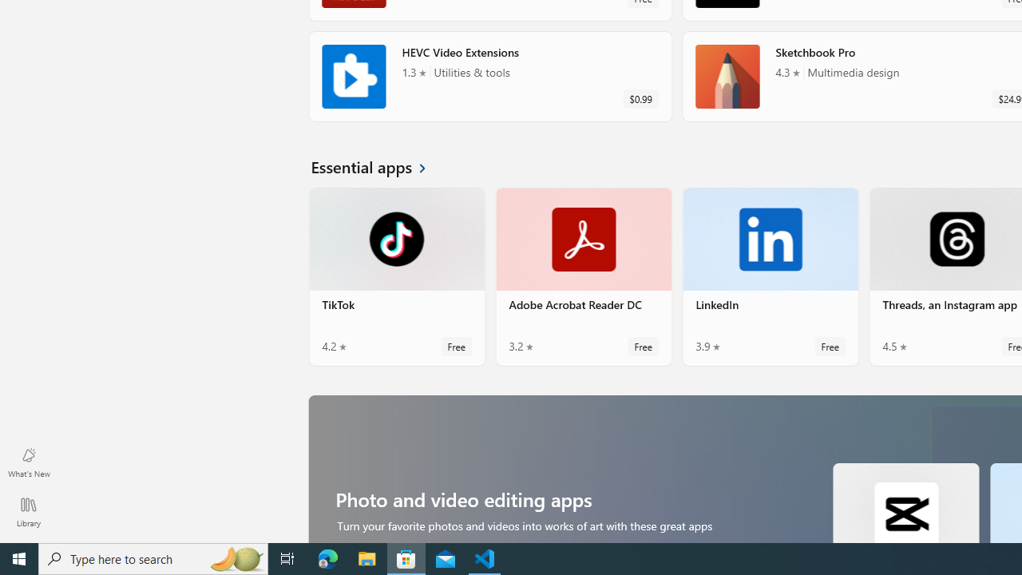 This screenshot has width=1022, height=575. Describe the element at coordinates (28, 511) in the screenshot. I see `'Library'` at that location.